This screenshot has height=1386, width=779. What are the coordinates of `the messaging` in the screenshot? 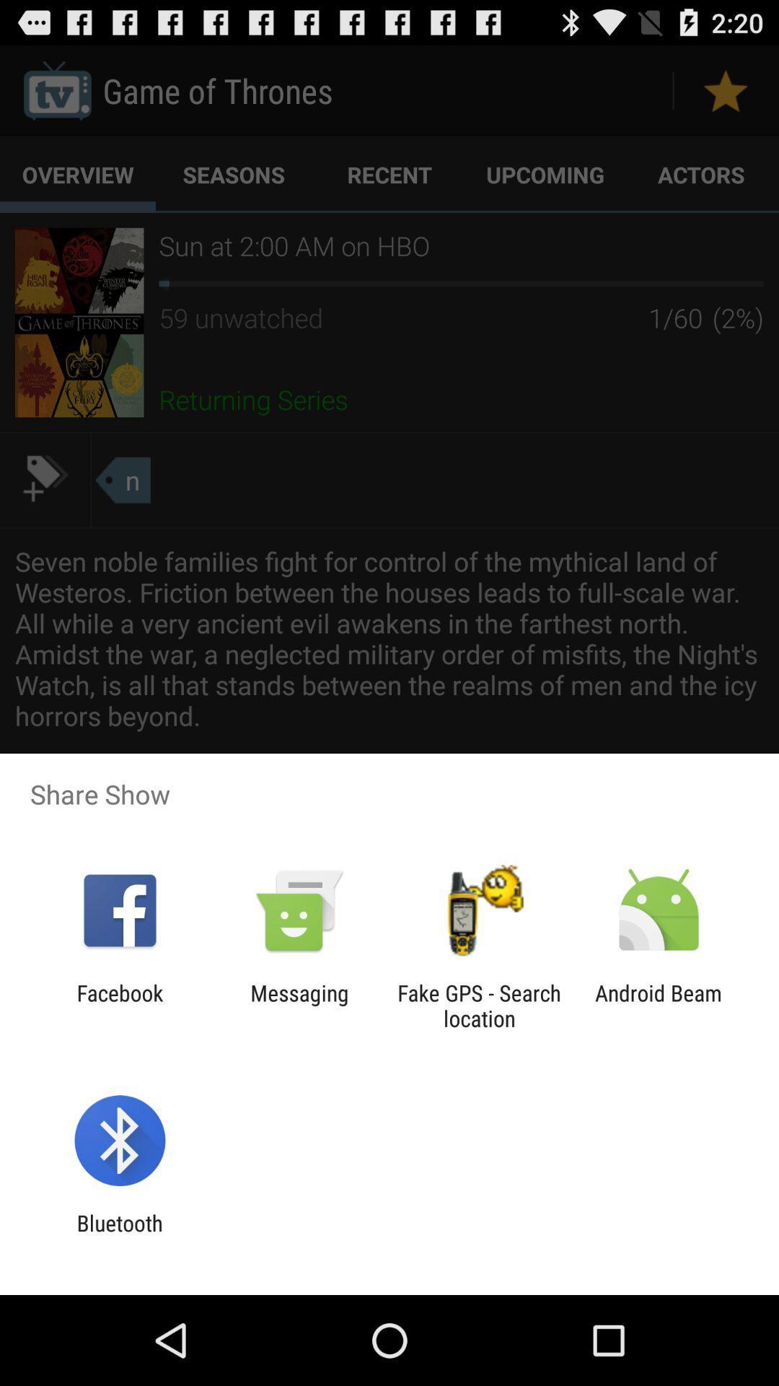 It's located at (299, 1005).